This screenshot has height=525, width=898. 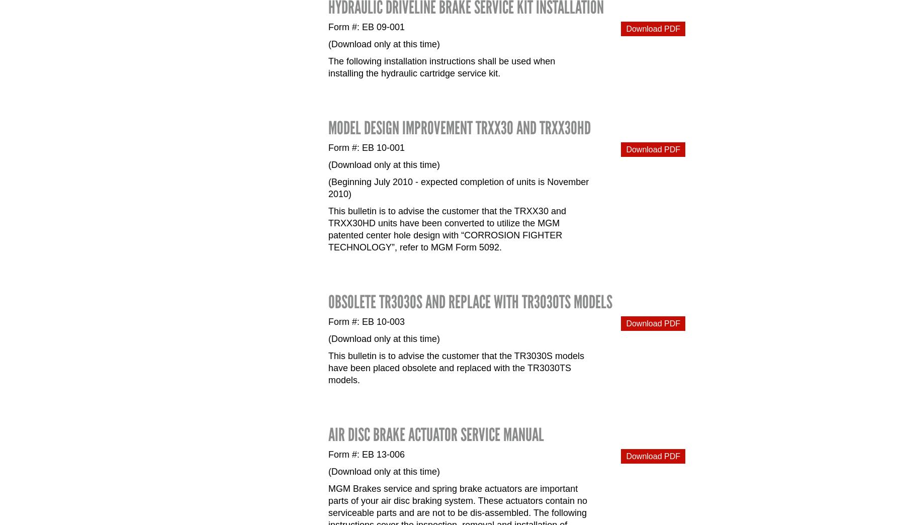 I want to click on 'Obsolete TR3030S and Replace with TR3030TS Models', so click(x=470, y=302).